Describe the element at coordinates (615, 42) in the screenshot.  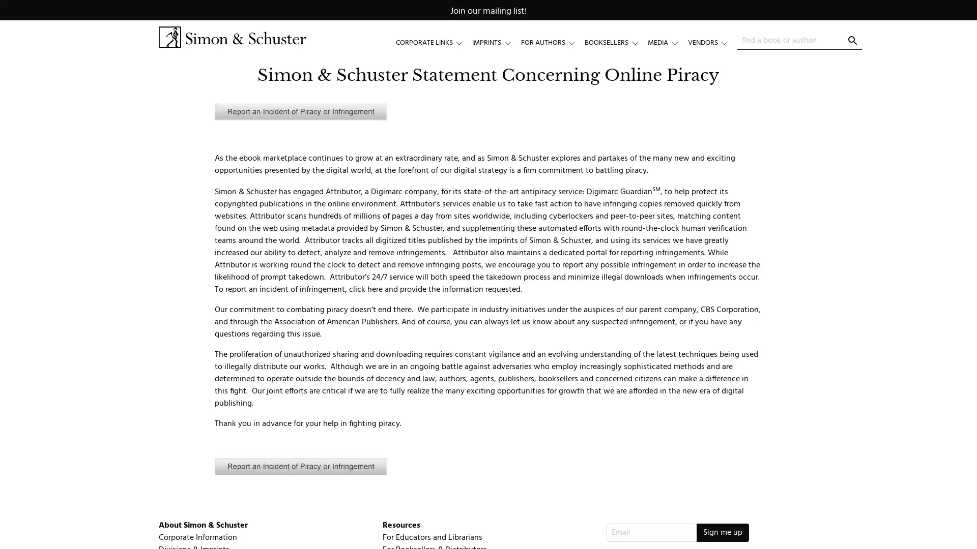
I see `BOOKSELLERS` at that location.